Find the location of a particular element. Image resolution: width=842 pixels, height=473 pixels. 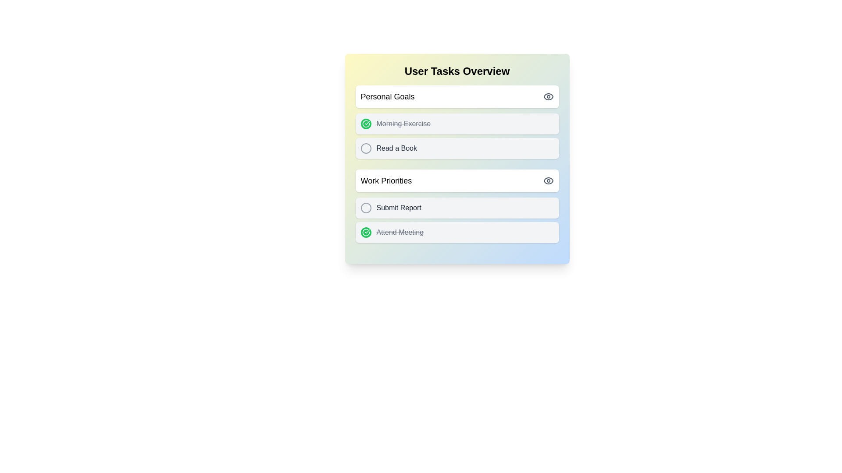

the Text Label displaying 'Morning Exercise', which is marked as done with a strikethrough, located centrally in a layout with icons to its left is located at coordinates (403, 124).